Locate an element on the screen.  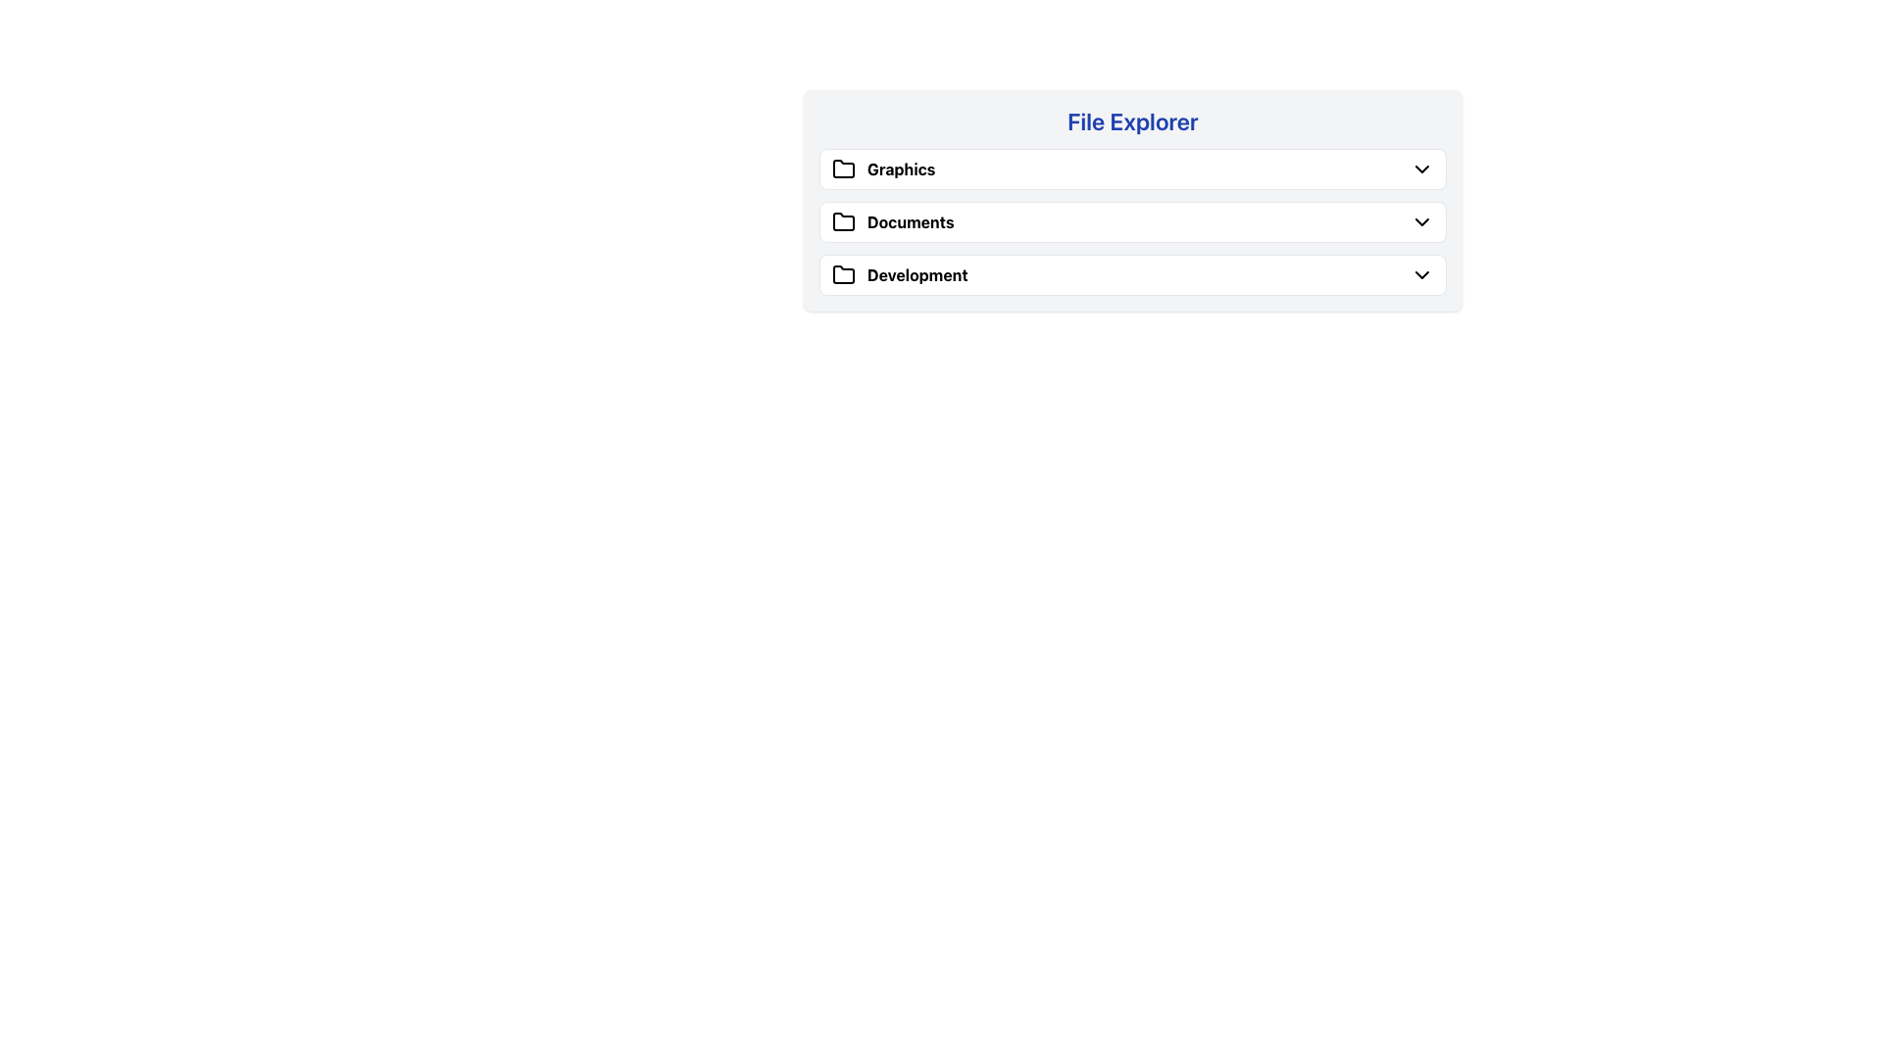
the text label displaying 'Development' located as the header of a folder entry under the 'Documents' section is located at coordinates (916, 275).